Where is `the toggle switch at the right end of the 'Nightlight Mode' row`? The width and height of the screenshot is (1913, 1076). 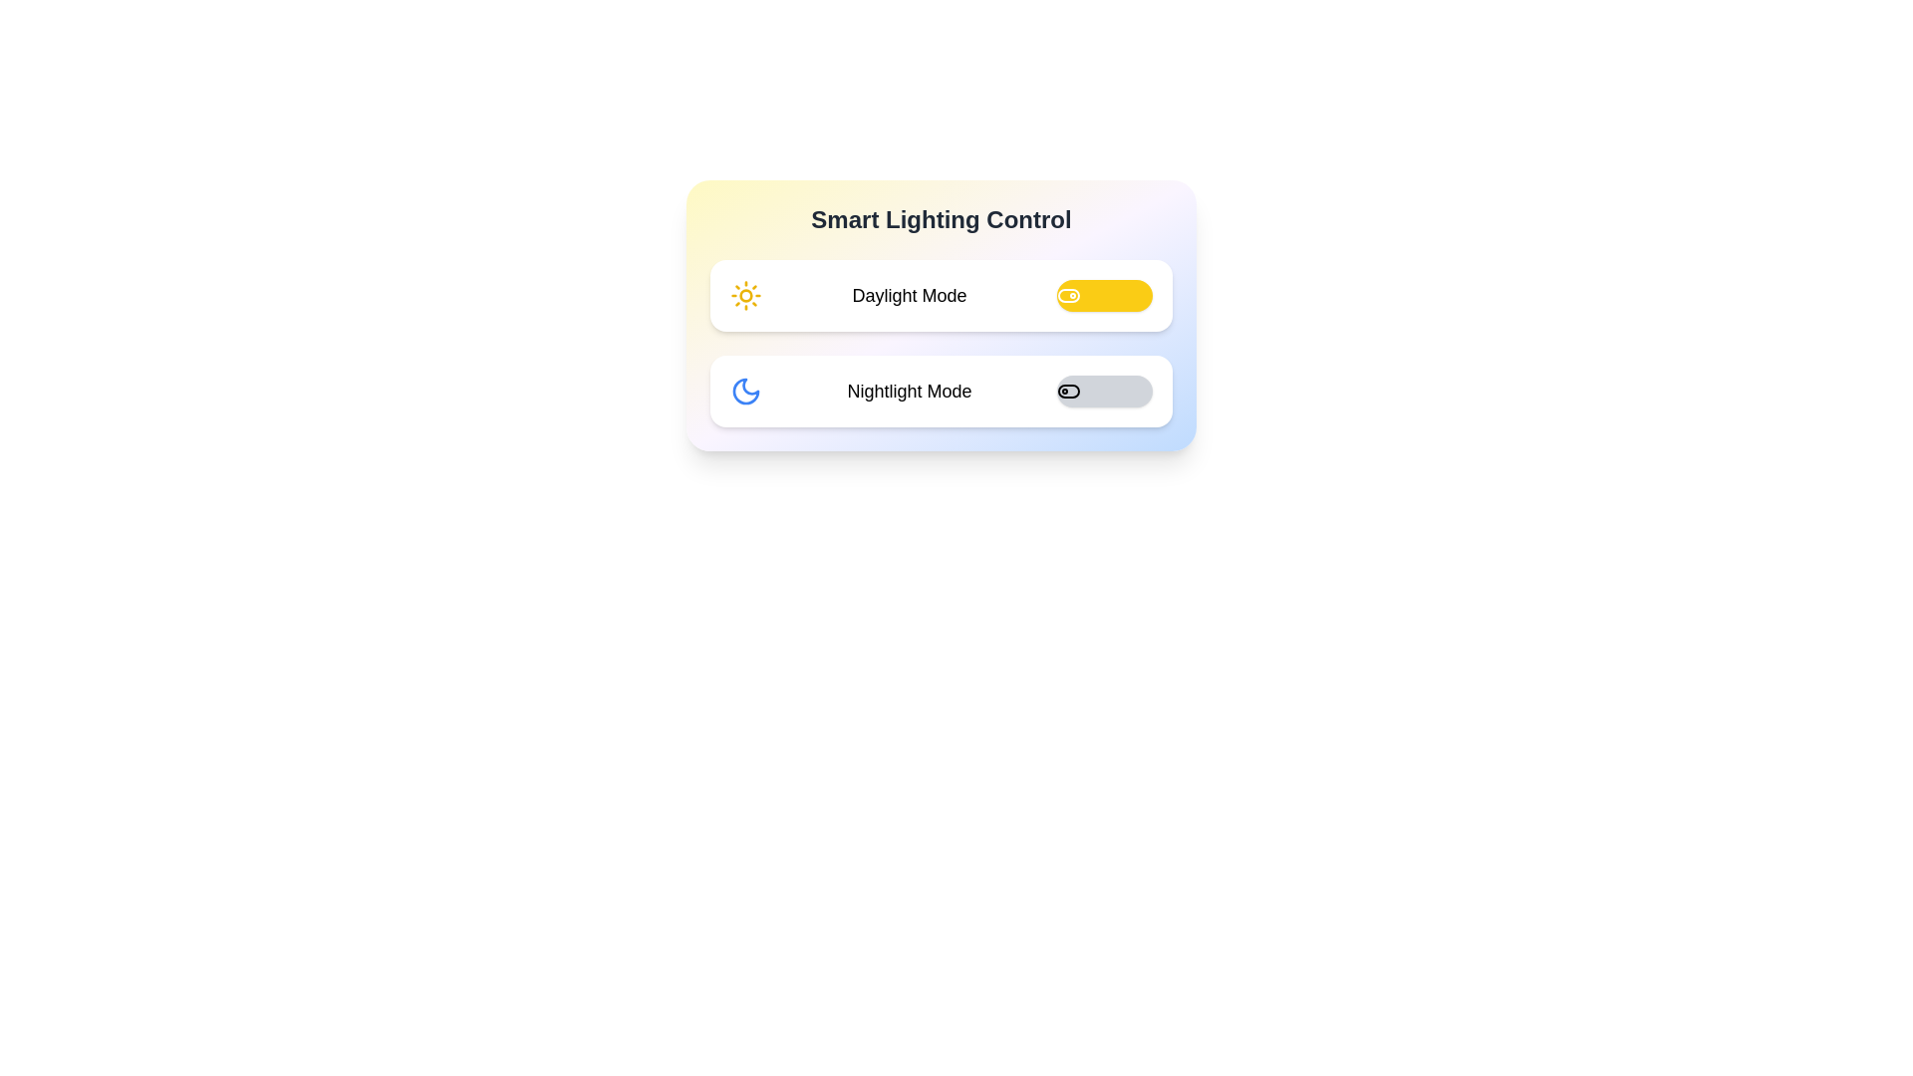
the toggle switch at the right end of the 'Nightlight Mode' row is located at coordinates (1103, 392).